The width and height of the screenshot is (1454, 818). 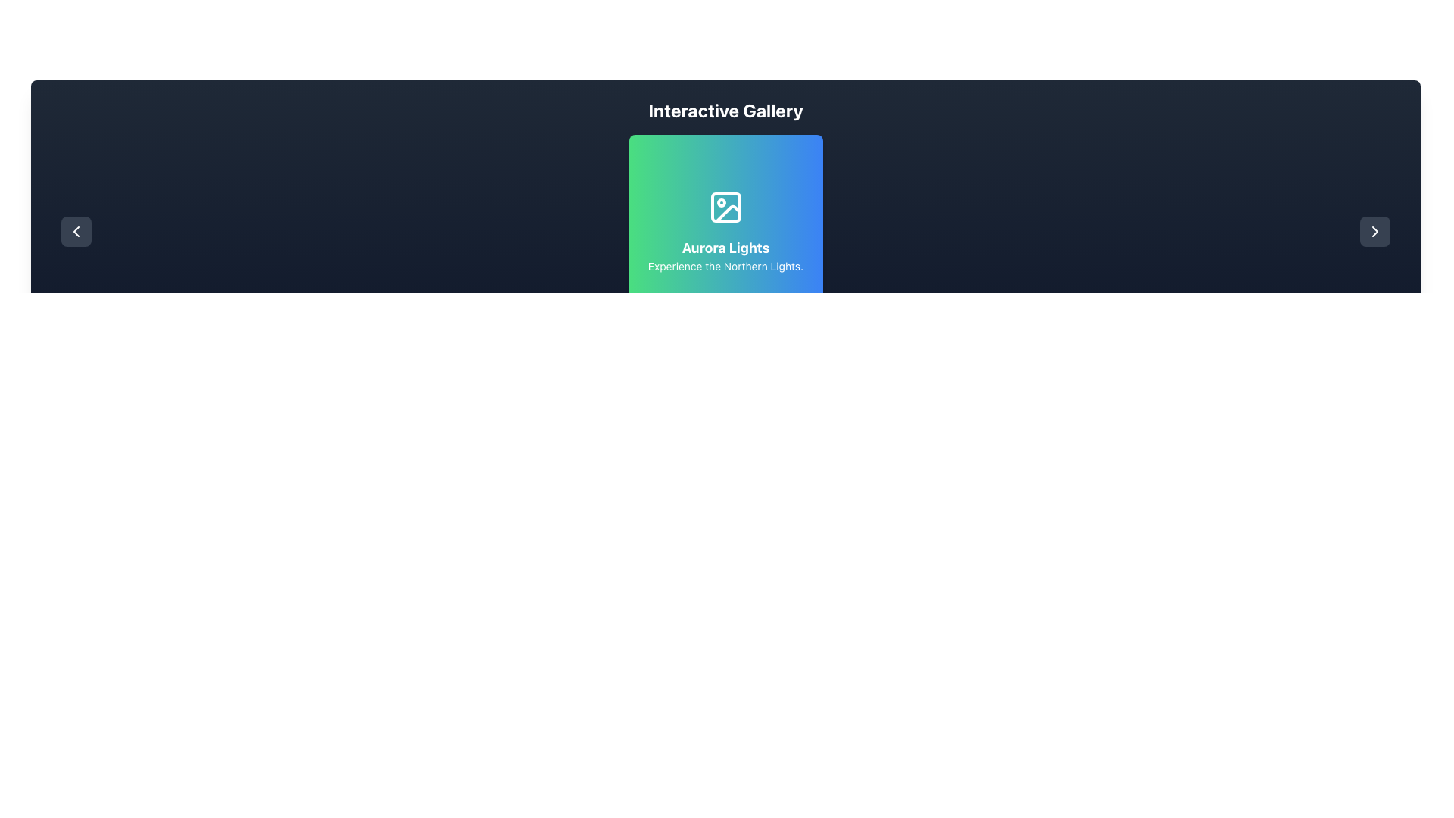 What do you see at coordinates (725, 347) in the screenshot?
I see `the middle navigation dot, which is part of a set of three circular elements at the bottom of the central interface area` at bounding box center [725, 347].